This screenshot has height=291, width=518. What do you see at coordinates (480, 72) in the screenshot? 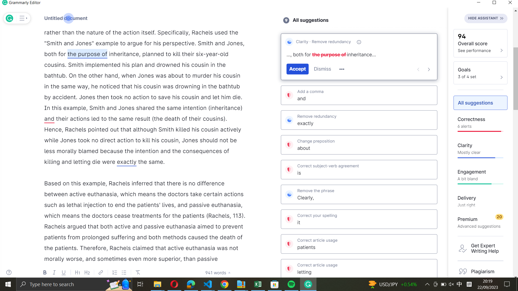
I see `Activate the goal setting function` at bounding box center [480, 72].